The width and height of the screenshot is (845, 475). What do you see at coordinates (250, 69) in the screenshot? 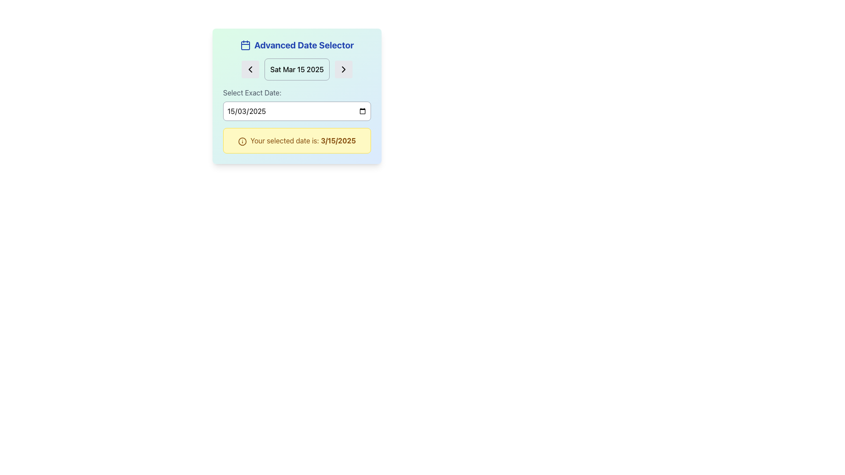
I see `the button located to the left of the date display ('Sat Mar 15 2025') to trigger a tooltip or visual feedback` at bounding box center [250, 69].